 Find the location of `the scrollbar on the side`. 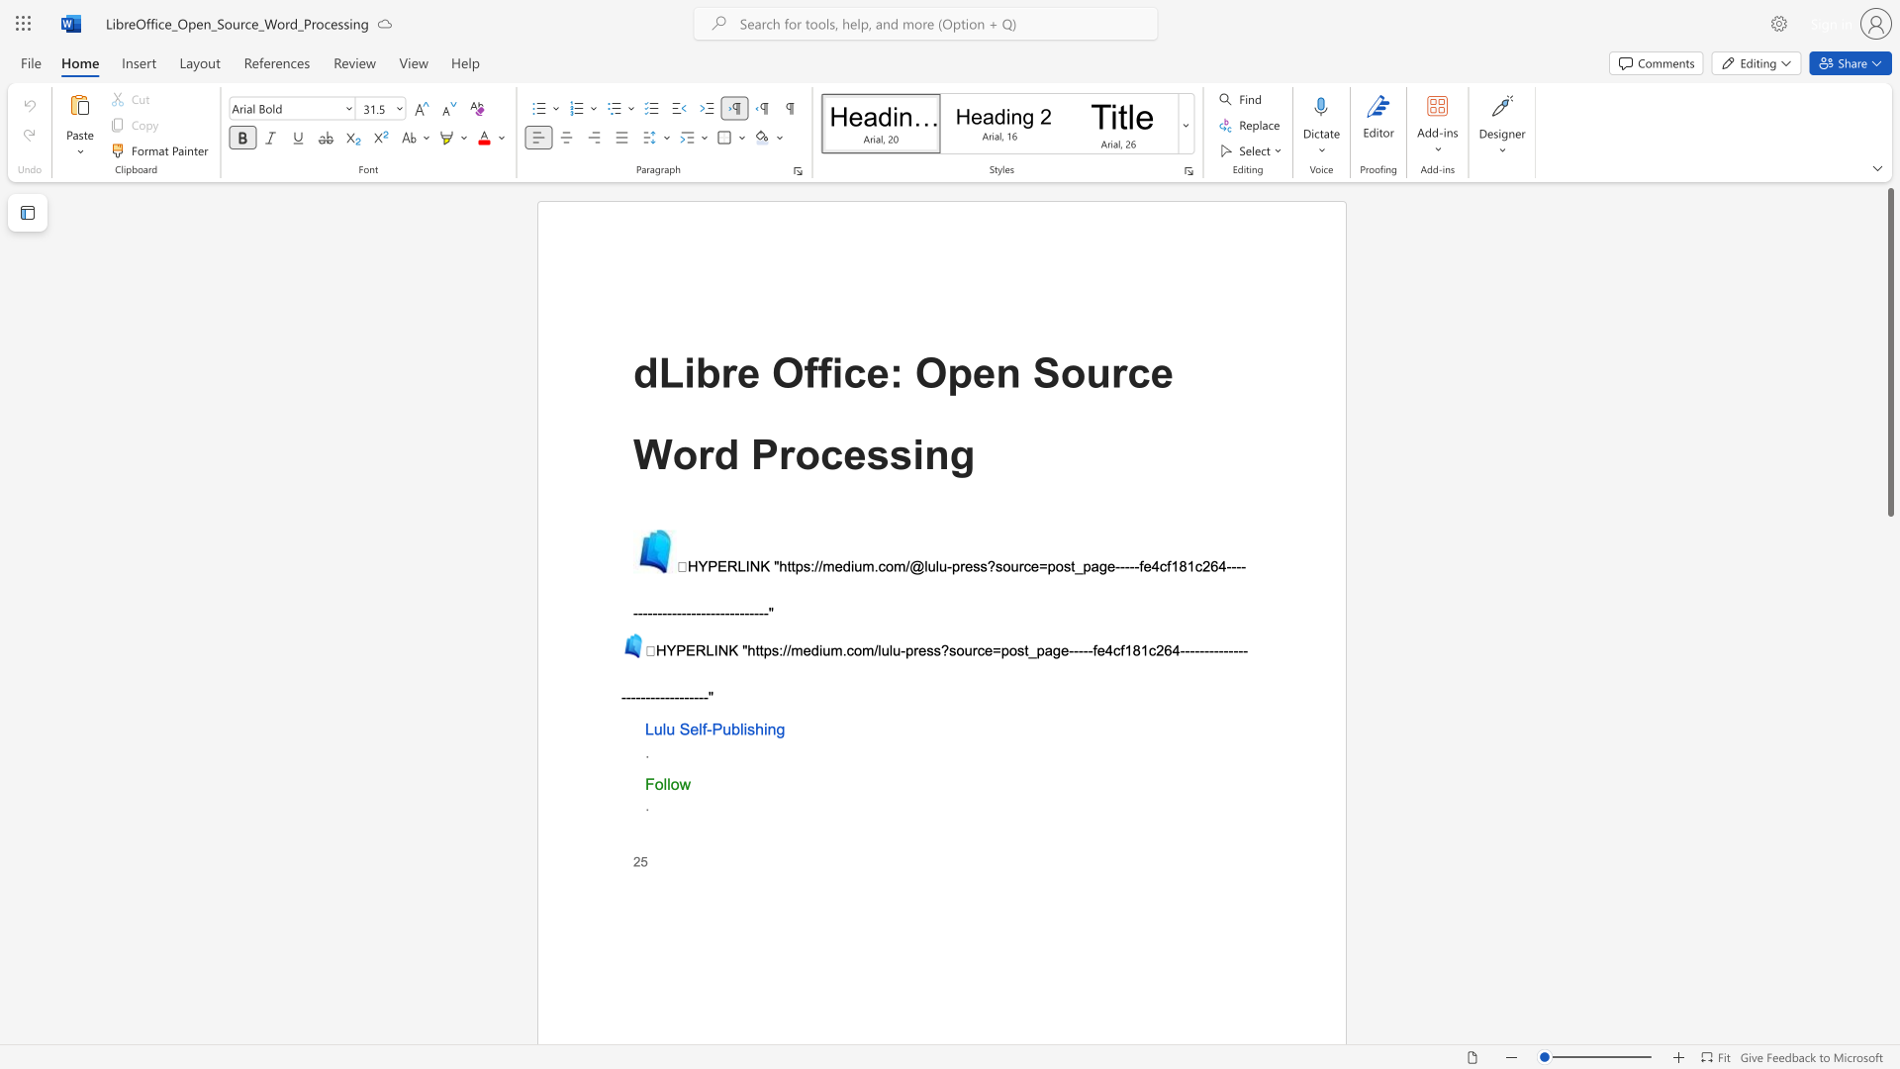

the scrollbar on the side is located at coordinates (1889, 643).